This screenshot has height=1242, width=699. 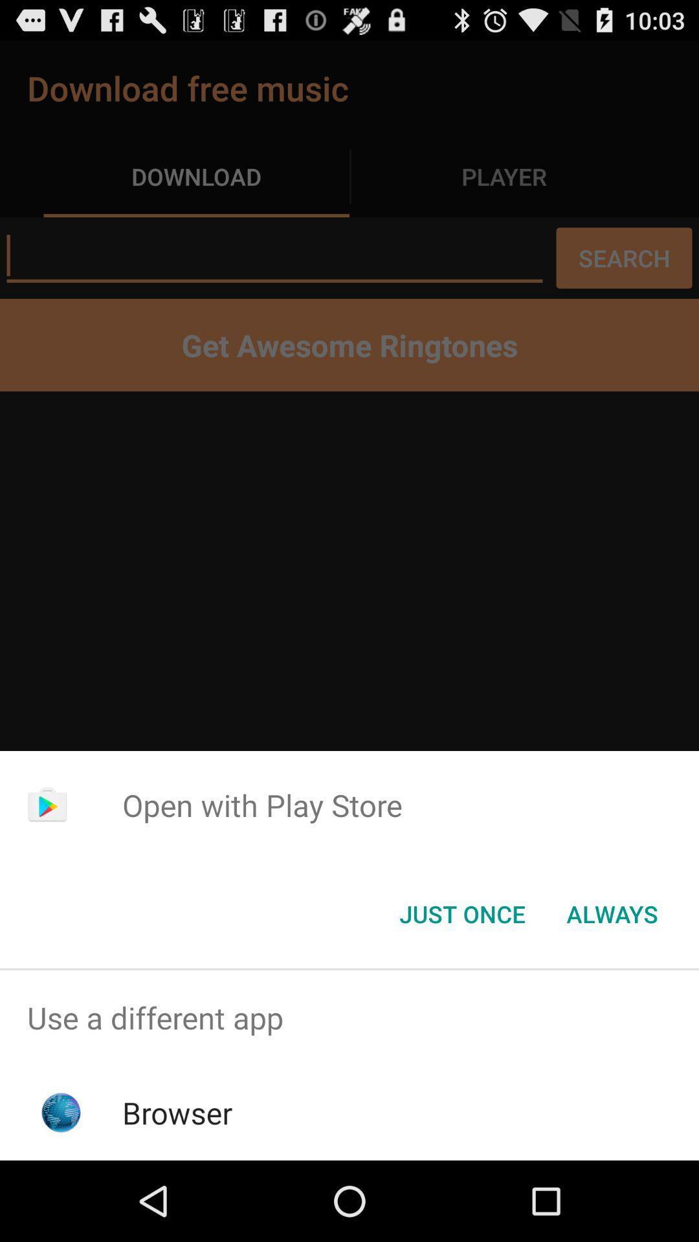 What do you see at coordinates (612, 913) in the screenshot?
I see `always icon` at bounding box center [612, 913].